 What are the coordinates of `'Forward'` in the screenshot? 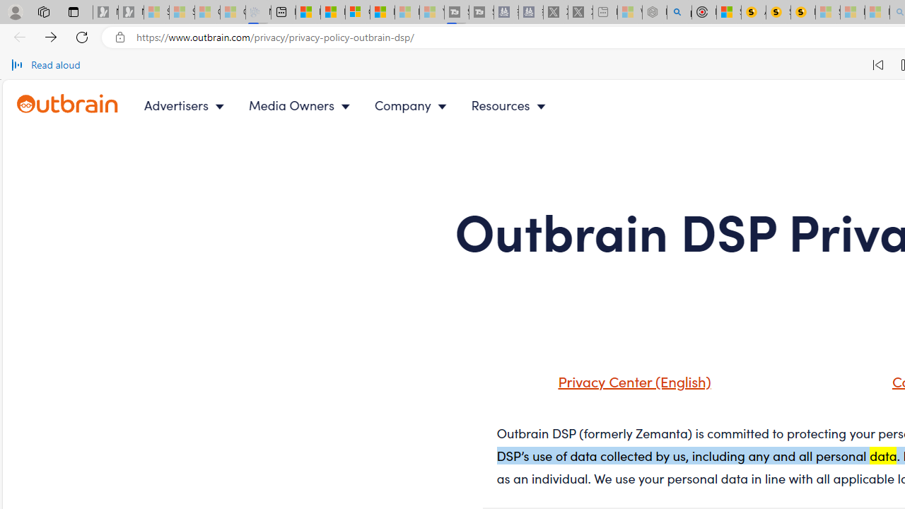 It's located at (51, 36).